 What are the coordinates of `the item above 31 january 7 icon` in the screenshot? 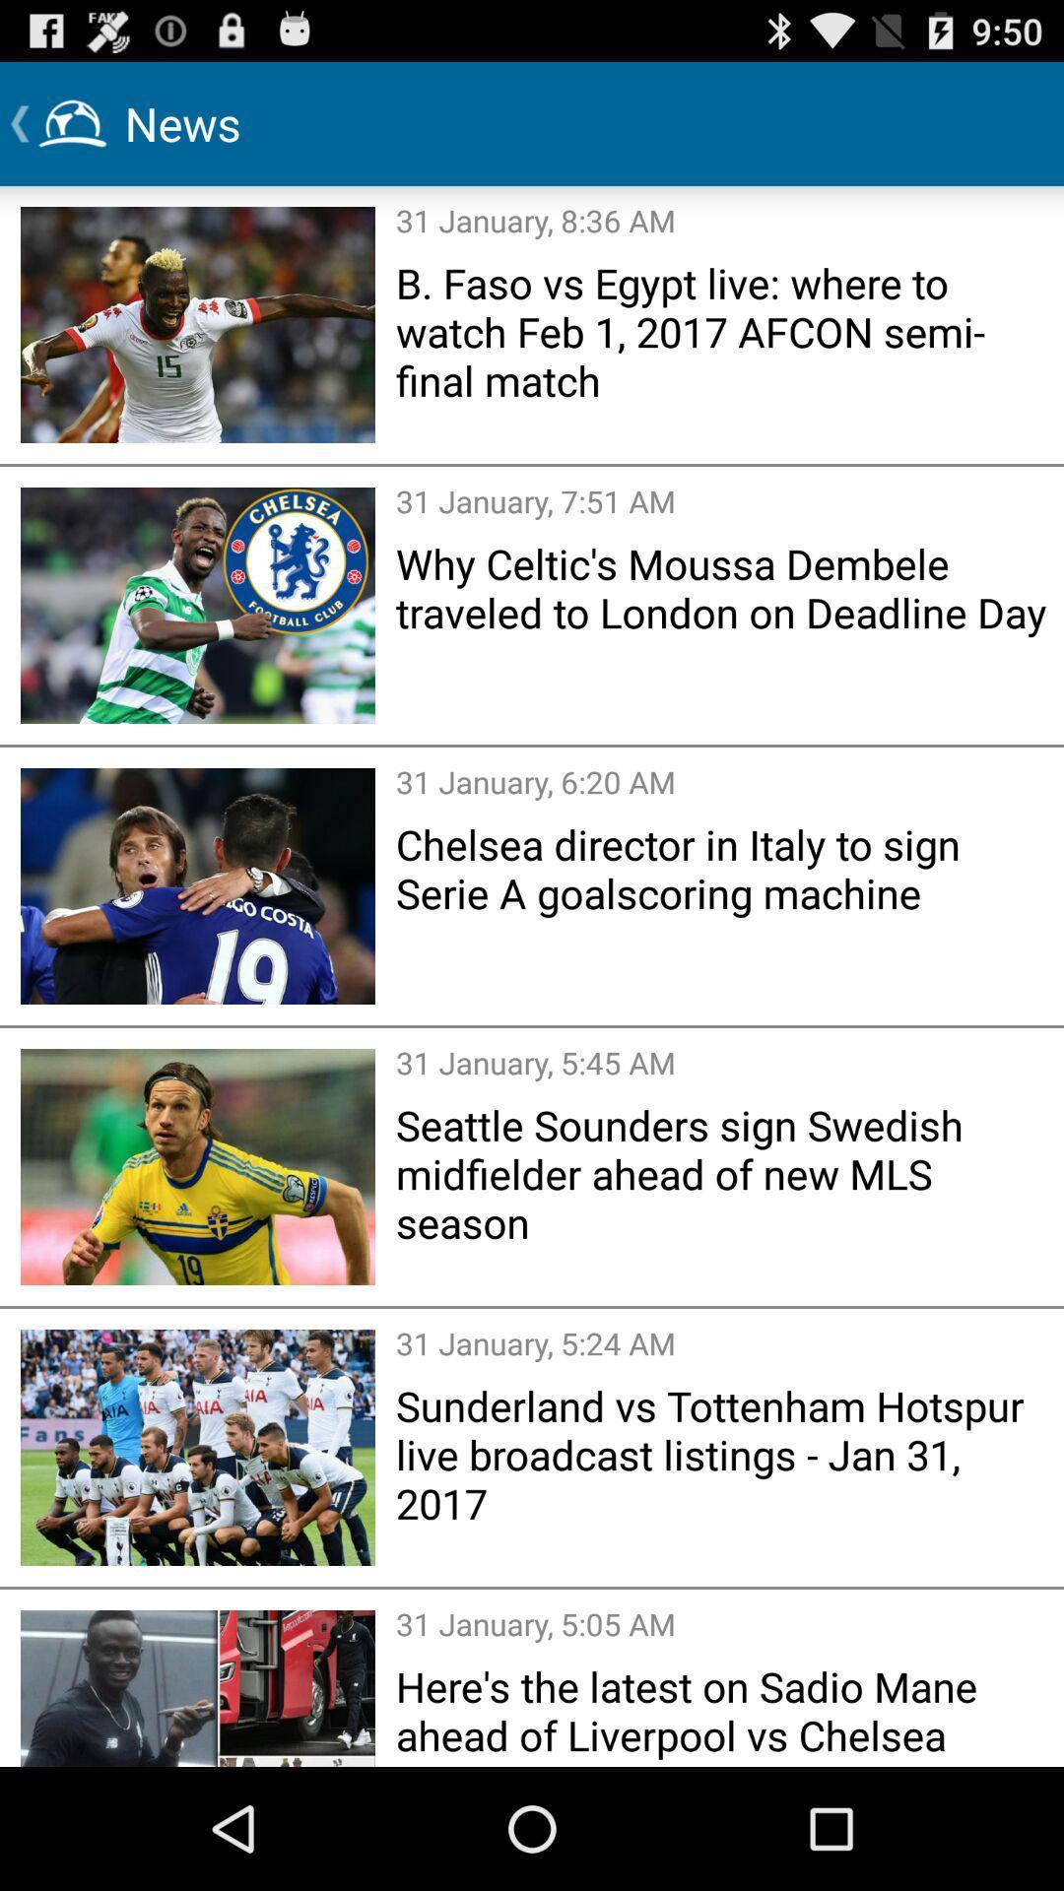 It's located at (723, 331).